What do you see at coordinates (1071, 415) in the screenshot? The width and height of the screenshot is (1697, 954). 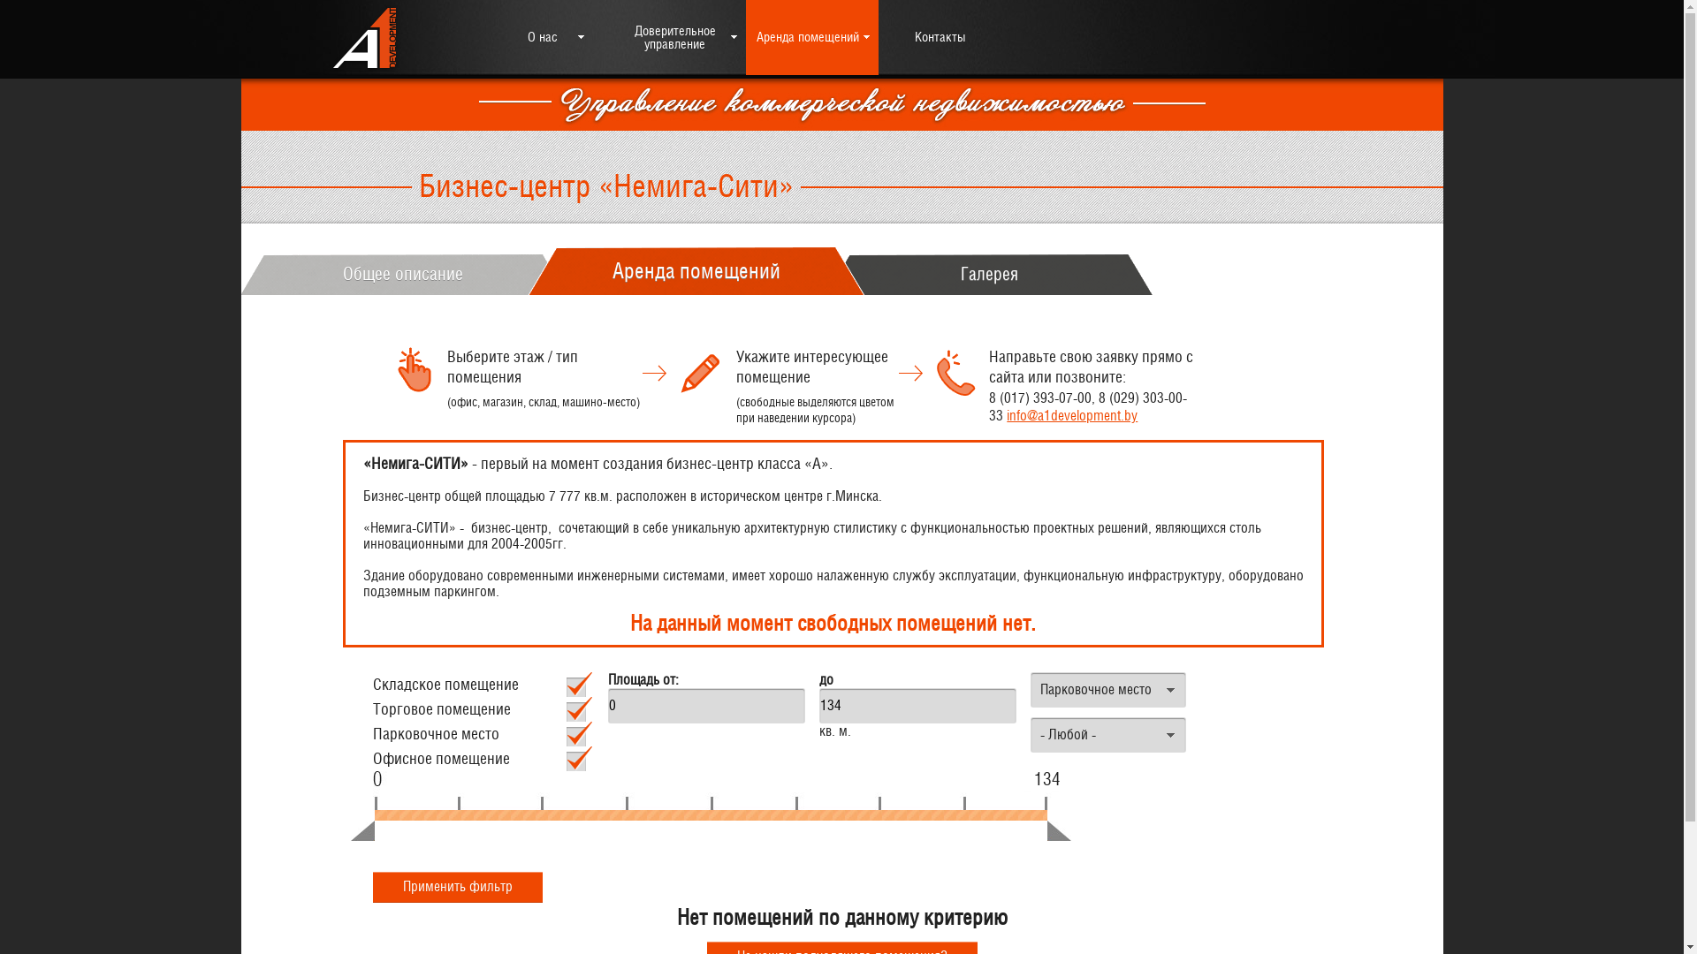 I see `'info@a1development.by'` at bounding box center [1071, 415].